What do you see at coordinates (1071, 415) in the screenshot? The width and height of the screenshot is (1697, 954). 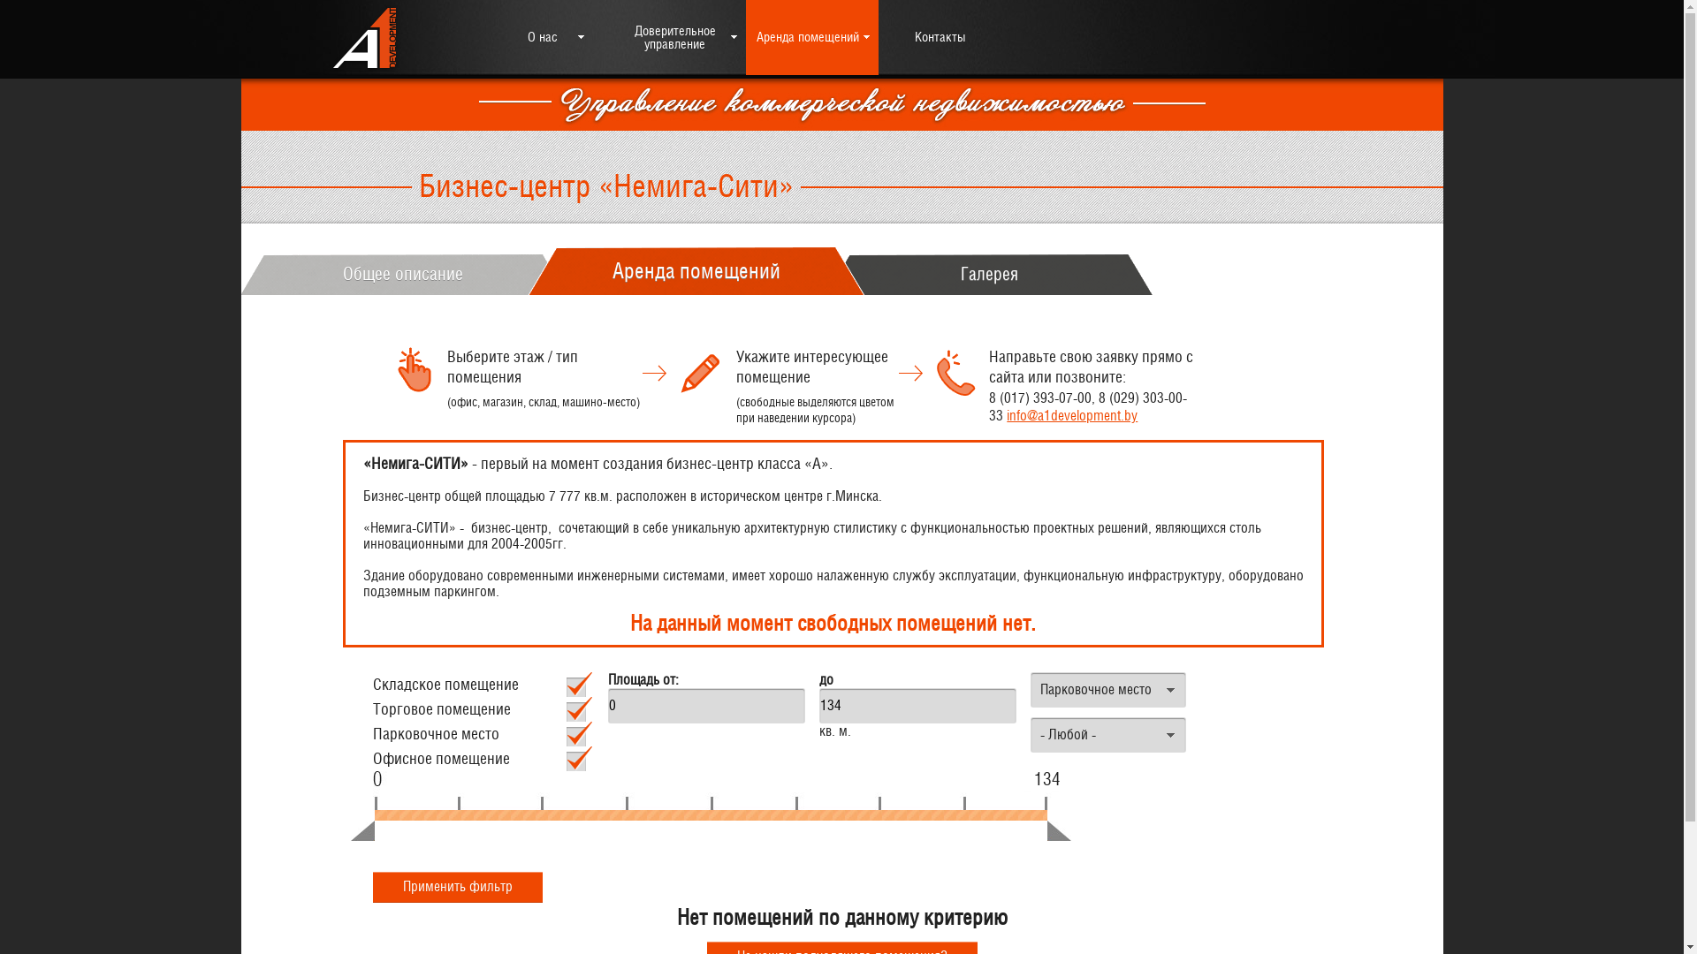 I see `'info@a1development.by'` at bounding box center [1071, 415].